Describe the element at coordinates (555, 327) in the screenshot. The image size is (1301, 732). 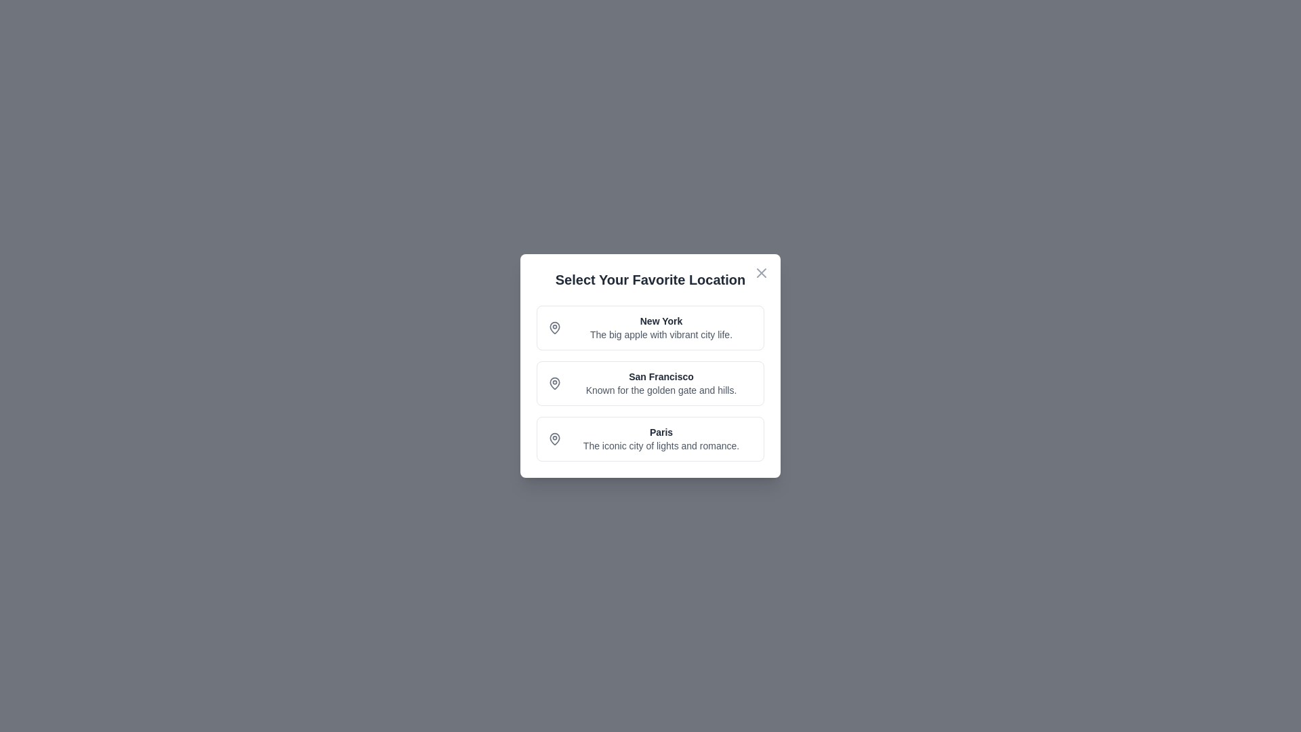
I see `the icon of the New York card to inspect it` at that location.